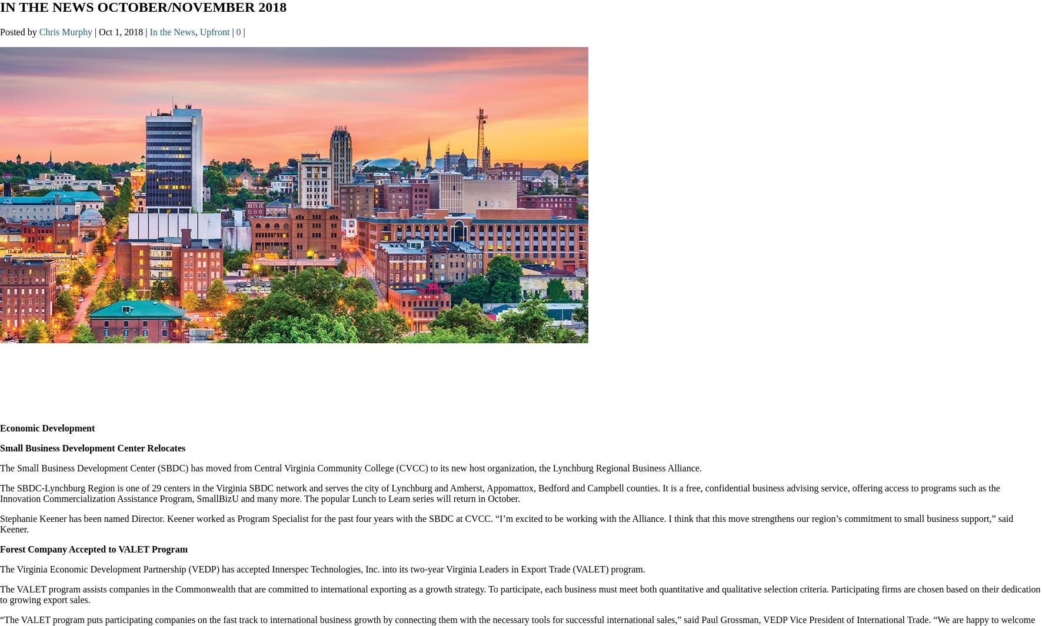 Image resolution: width=1042 pixels, height=626 pixels. I want to click on 'Economic Development', so click(46, 428).